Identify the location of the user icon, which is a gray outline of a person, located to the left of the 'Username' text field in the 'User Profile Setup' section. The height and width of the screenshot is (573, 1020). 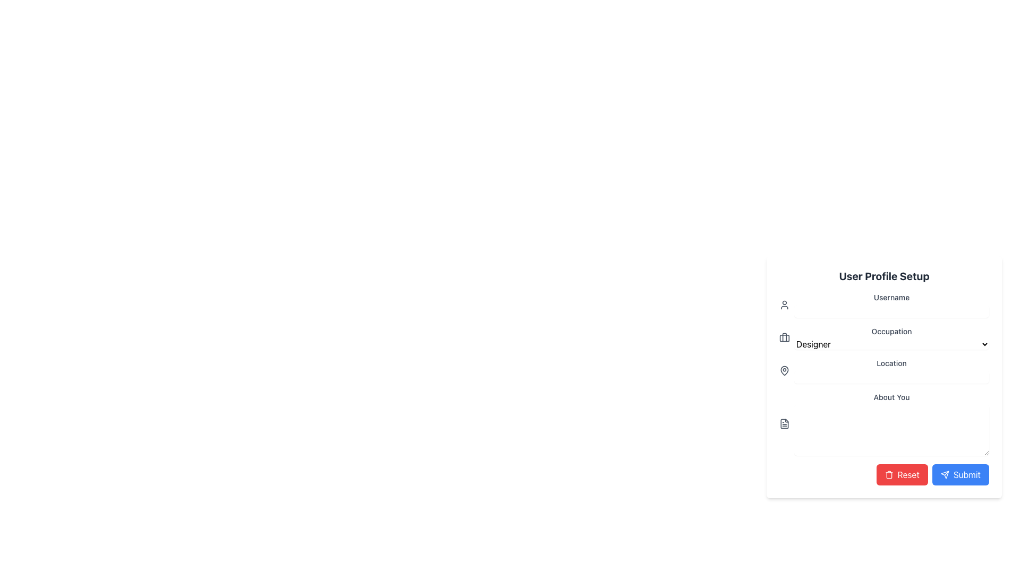
(785, 305).